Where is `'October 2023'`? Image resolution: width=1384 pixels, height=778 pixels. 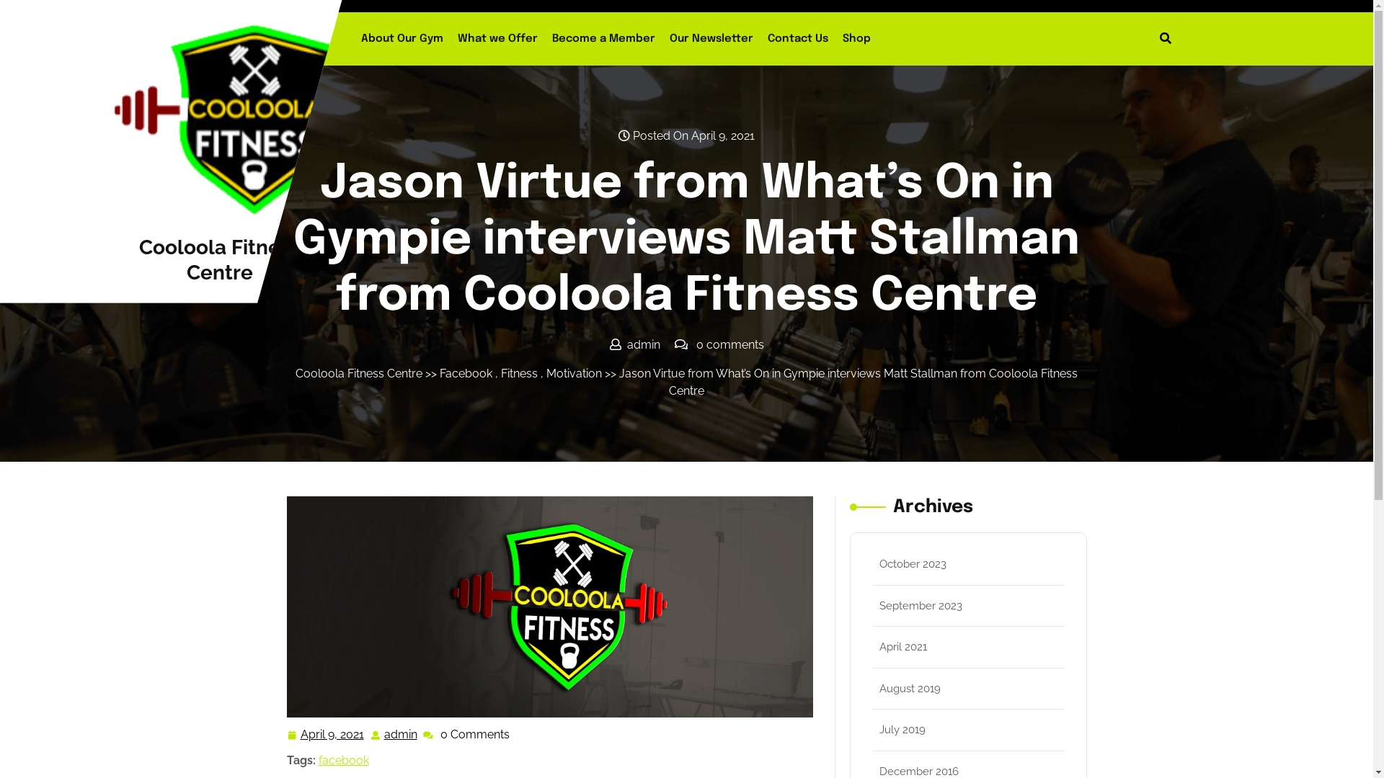
'October 2023' is located at coordinates (878, 563).